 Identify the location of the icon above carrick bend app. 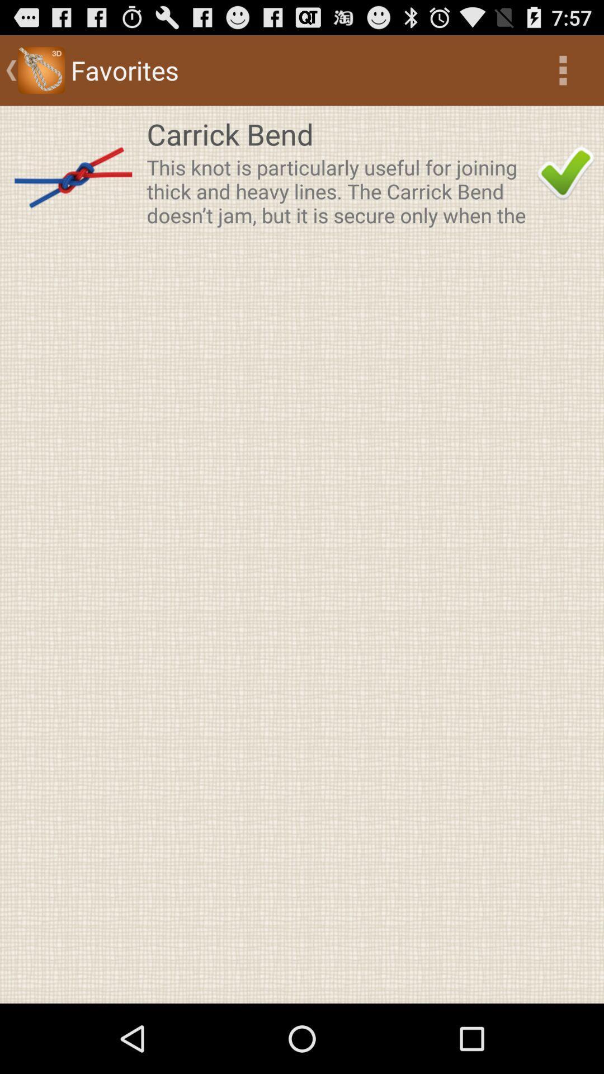
(563, 69).